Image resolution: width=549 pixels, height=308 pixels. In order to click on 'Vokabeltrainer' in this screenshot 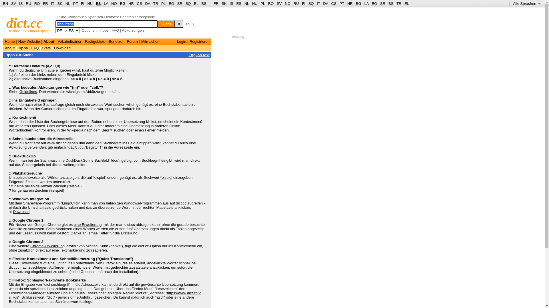, I will do `click(69, 41)`.